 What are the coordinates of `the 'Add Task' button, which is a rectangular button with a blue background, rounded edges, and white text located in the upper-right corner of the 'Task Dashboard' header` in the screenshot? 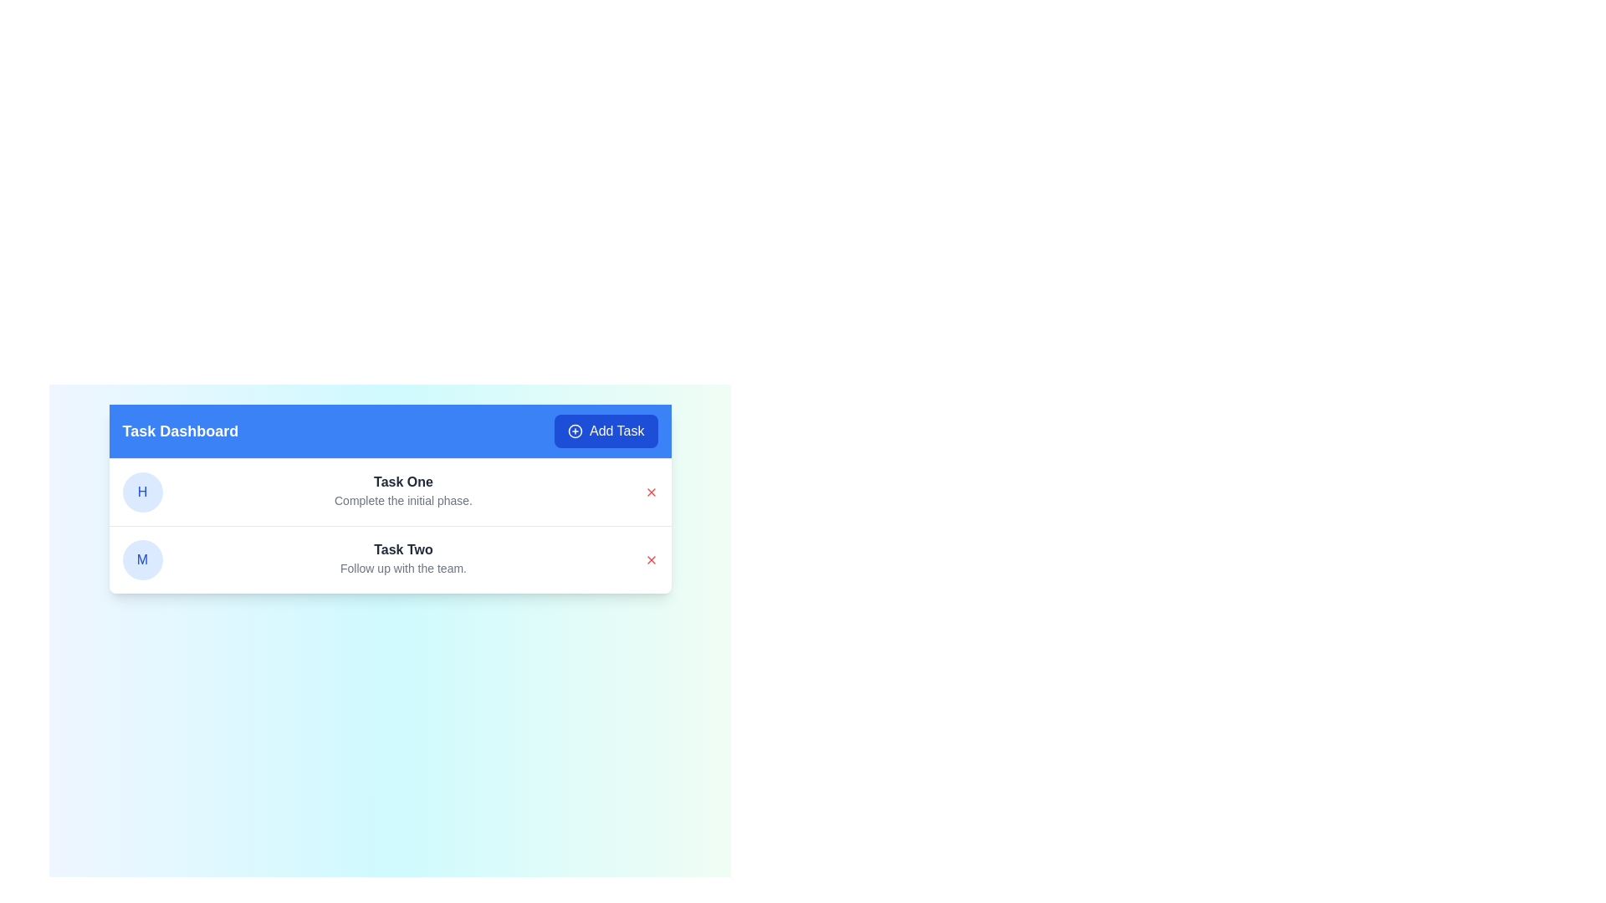 It's located at (605, 431).